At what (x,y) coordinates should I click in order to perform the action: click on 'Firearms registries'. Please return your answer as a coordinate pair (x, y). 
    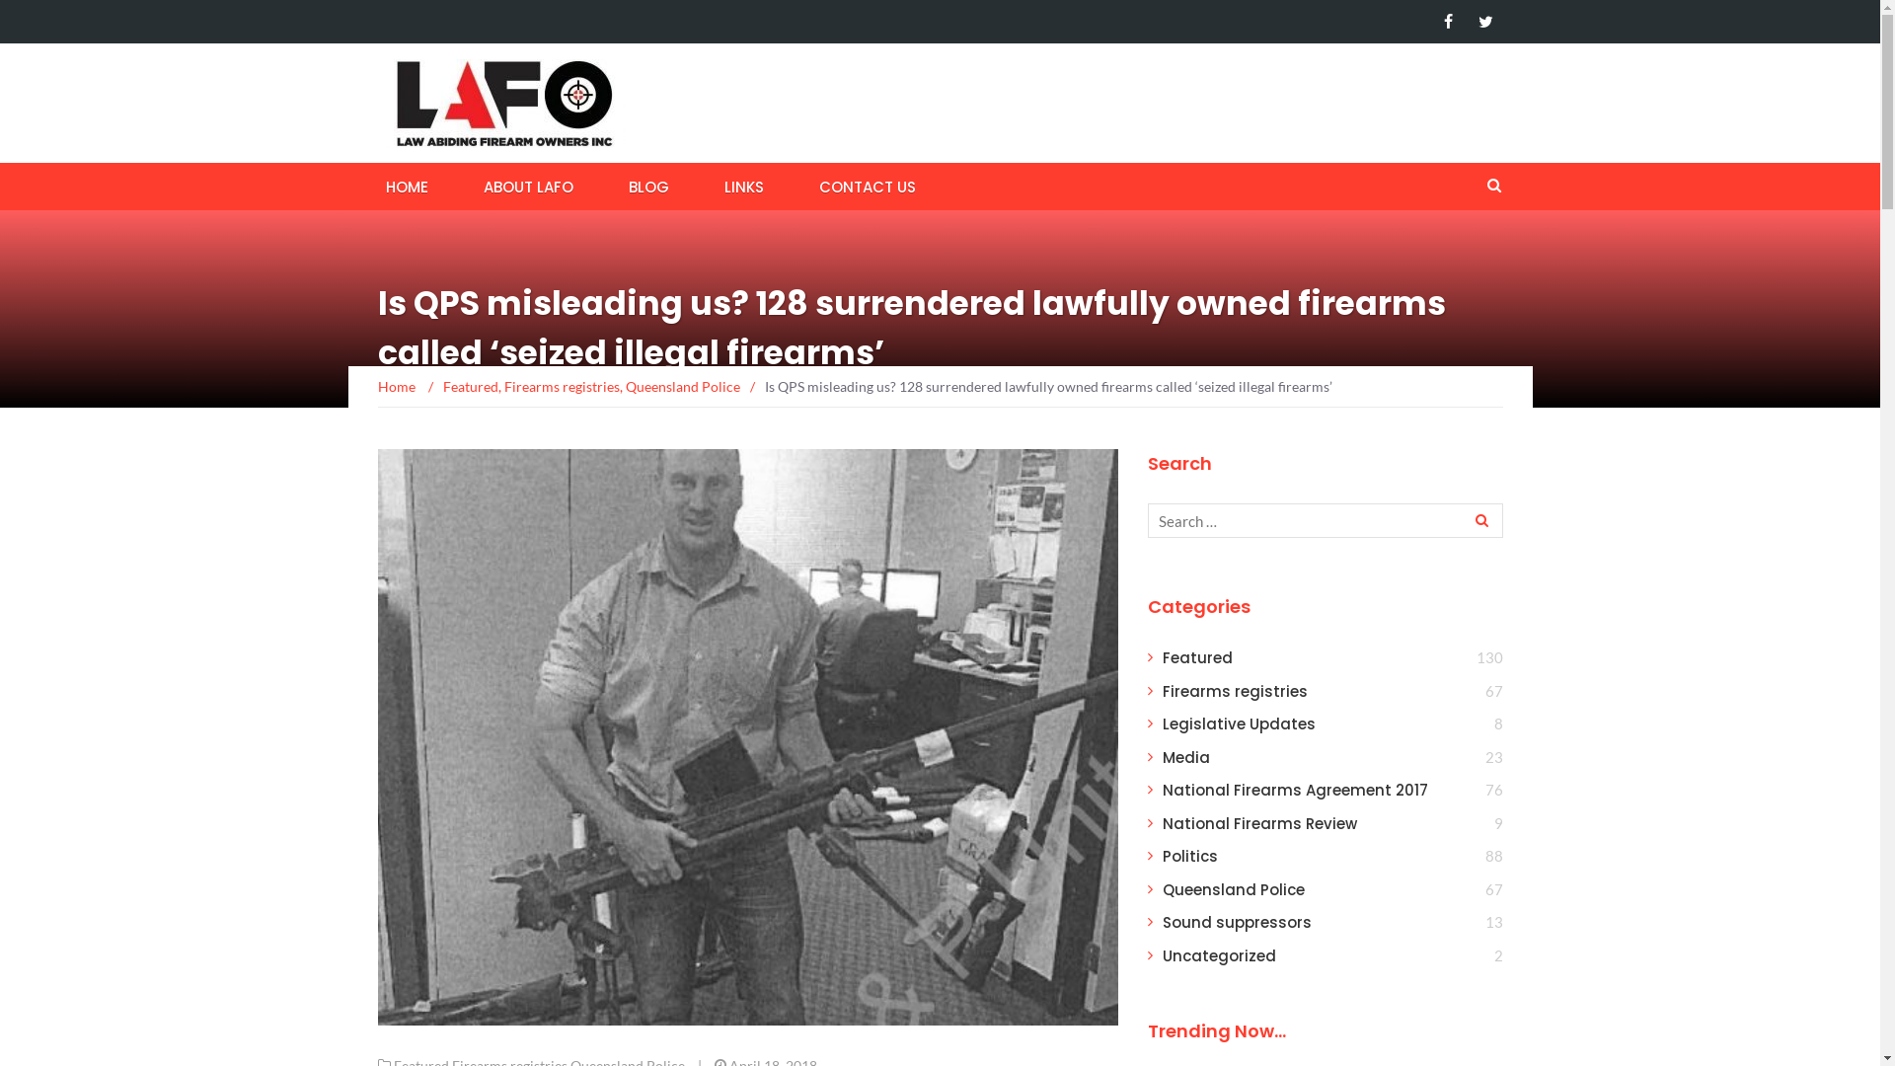
    Looking at the image, I should click on (1234, 690).